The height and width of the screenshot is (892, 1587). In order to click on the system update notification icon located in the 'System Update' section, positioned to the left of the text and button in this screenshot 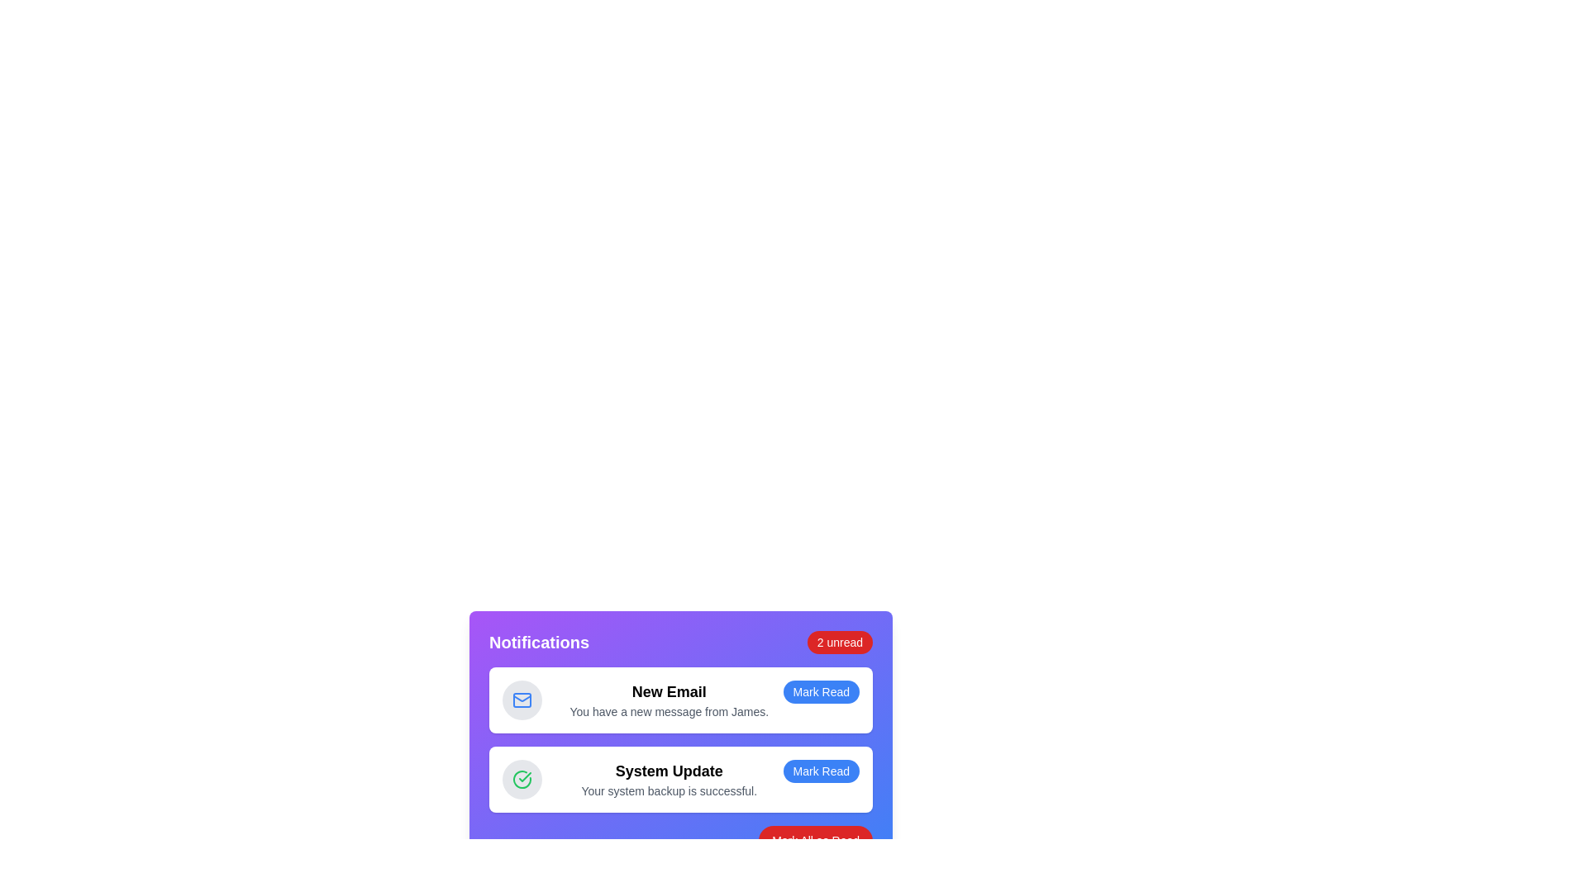, I will do `click(524, 777)`.